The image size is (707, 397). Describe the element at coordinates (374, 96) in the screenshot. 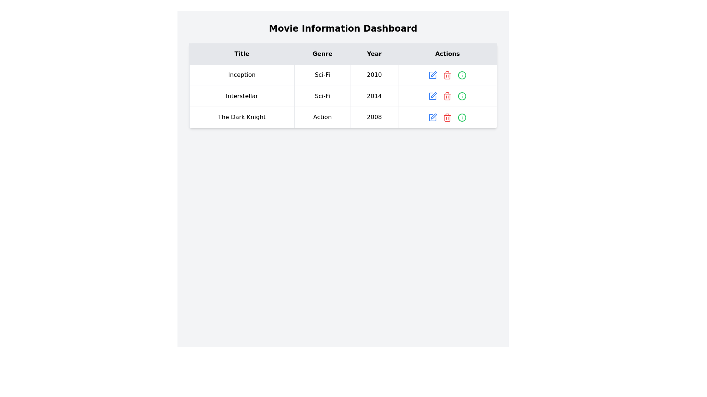

I see `the static text field displaying the year '2014' in the 'Year' column of the movie 'Interstellar' data table` at that location.